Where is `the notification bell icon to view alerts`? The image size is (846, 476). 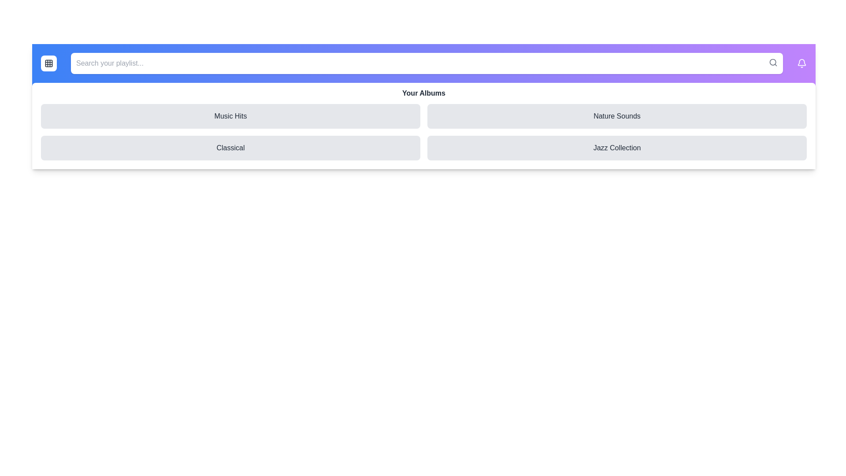 the notification bell icon to view alerts is located at coordinates (801, 63).